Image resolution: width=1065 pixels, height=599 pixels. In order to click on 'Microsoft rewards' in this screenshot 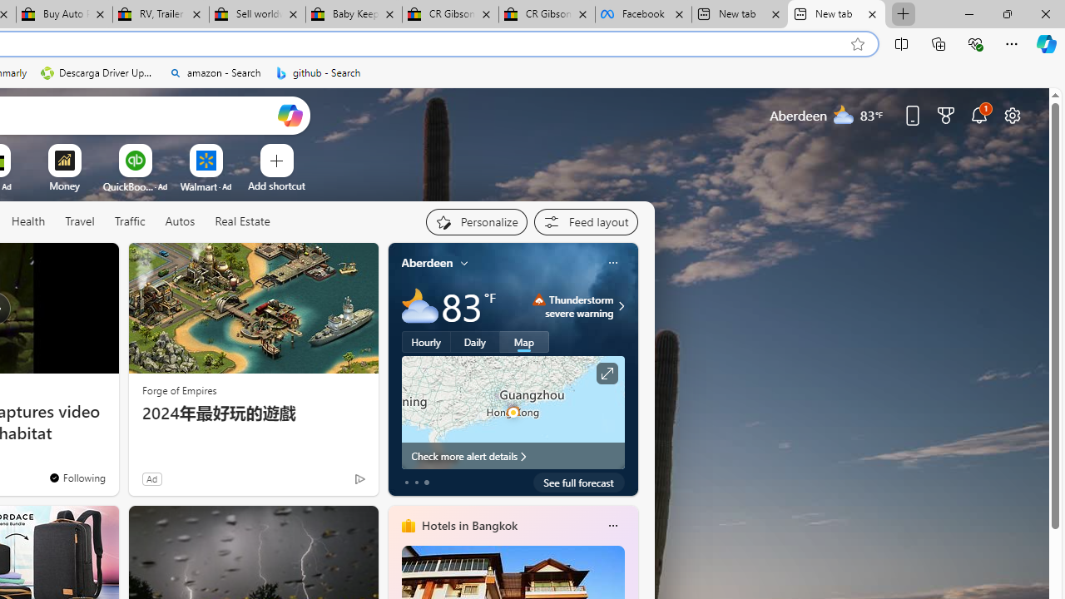, I will do `click(946, 114)`.